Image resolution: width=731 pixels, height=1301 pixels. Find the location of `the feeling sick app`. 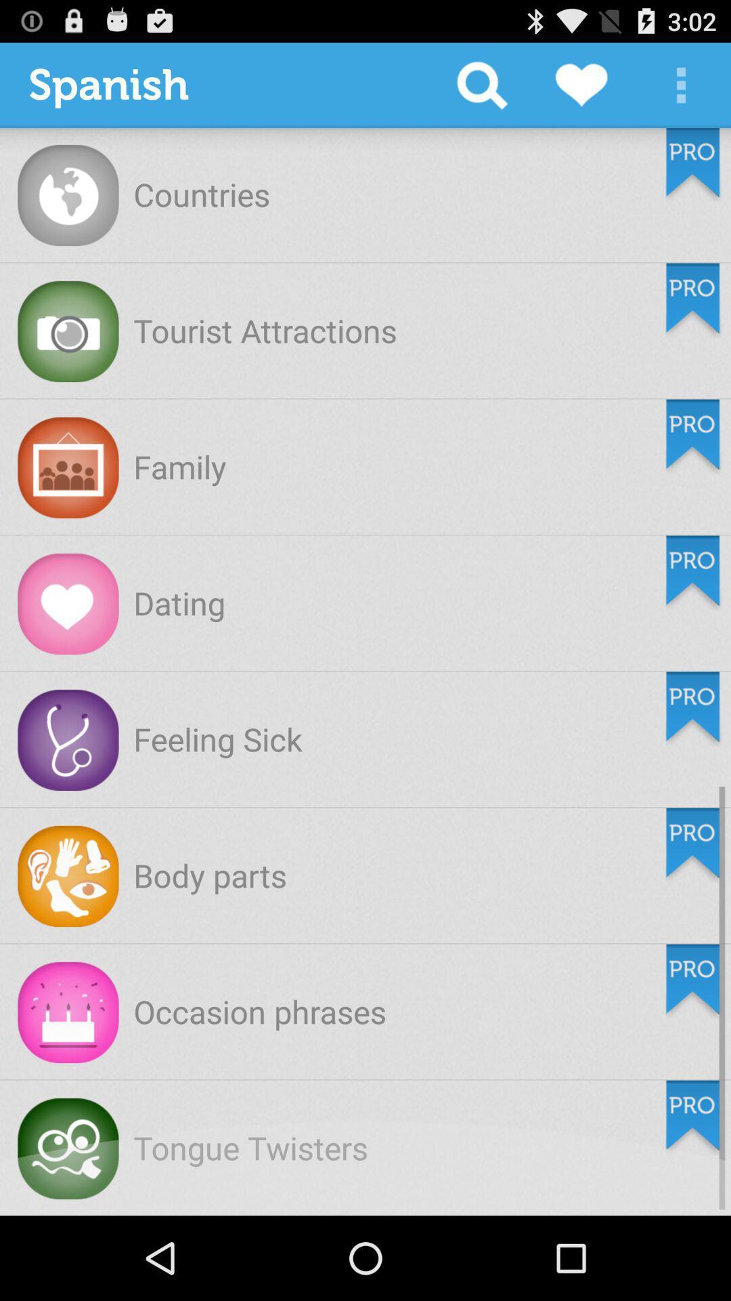

the feeling sick app is located at coordinates (217, 738).